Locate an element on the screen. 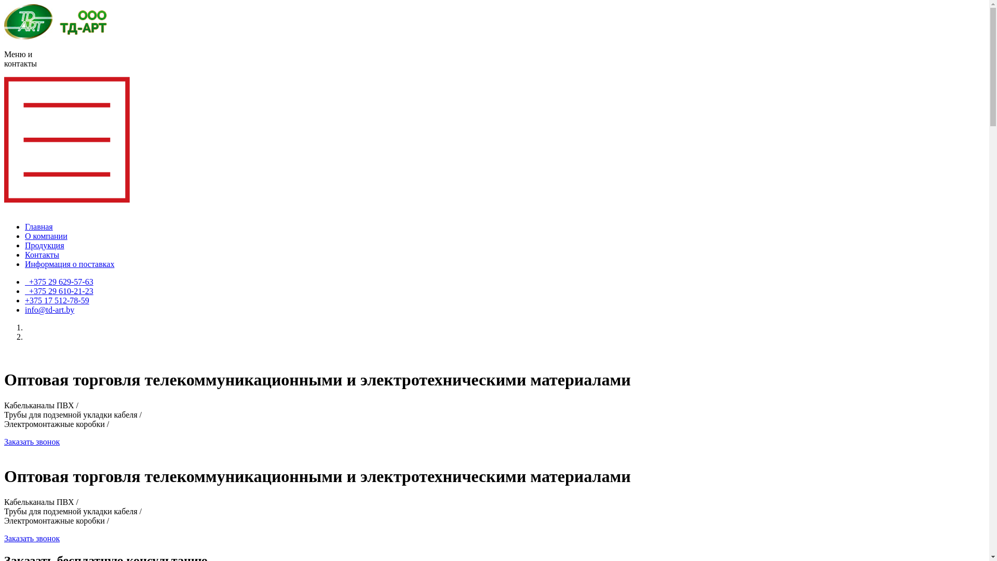 This screenshot has width=997, height=561. '+375 29 610-21-23' is located at coordinates (59, 291).